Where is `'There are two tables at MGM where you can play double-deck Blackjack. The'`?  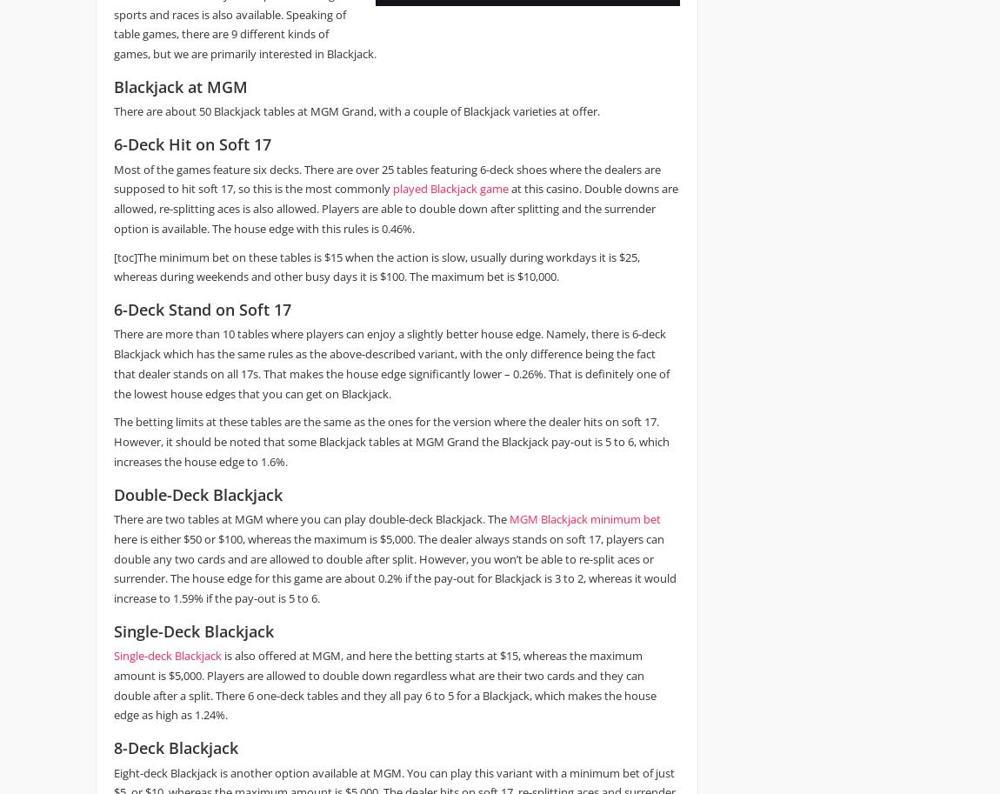
'There are two tables at MGM where you can play double-deck Blackjack. The' is located at coordinates (311, 519).